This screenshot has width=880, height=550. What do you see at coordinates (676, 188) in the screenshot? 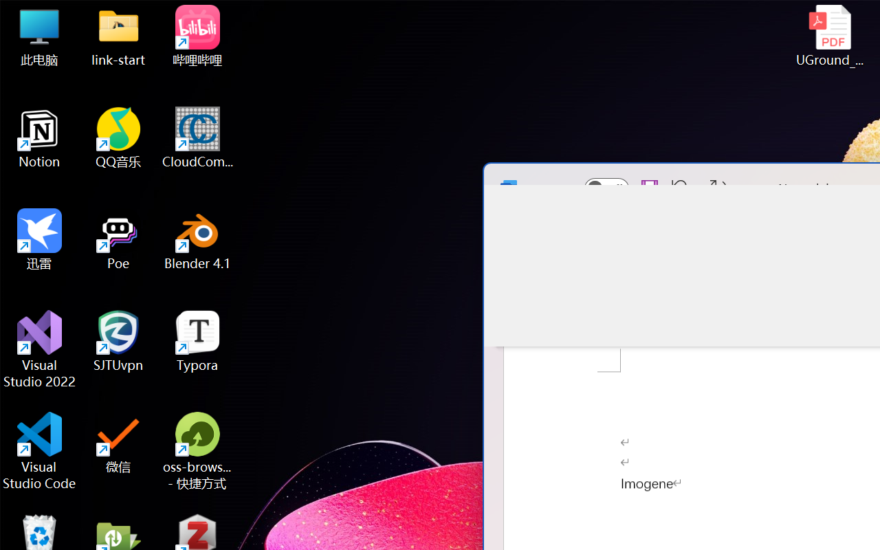
I see `'Undo Paragraph Formatting'` at bounding box center [676, 188].